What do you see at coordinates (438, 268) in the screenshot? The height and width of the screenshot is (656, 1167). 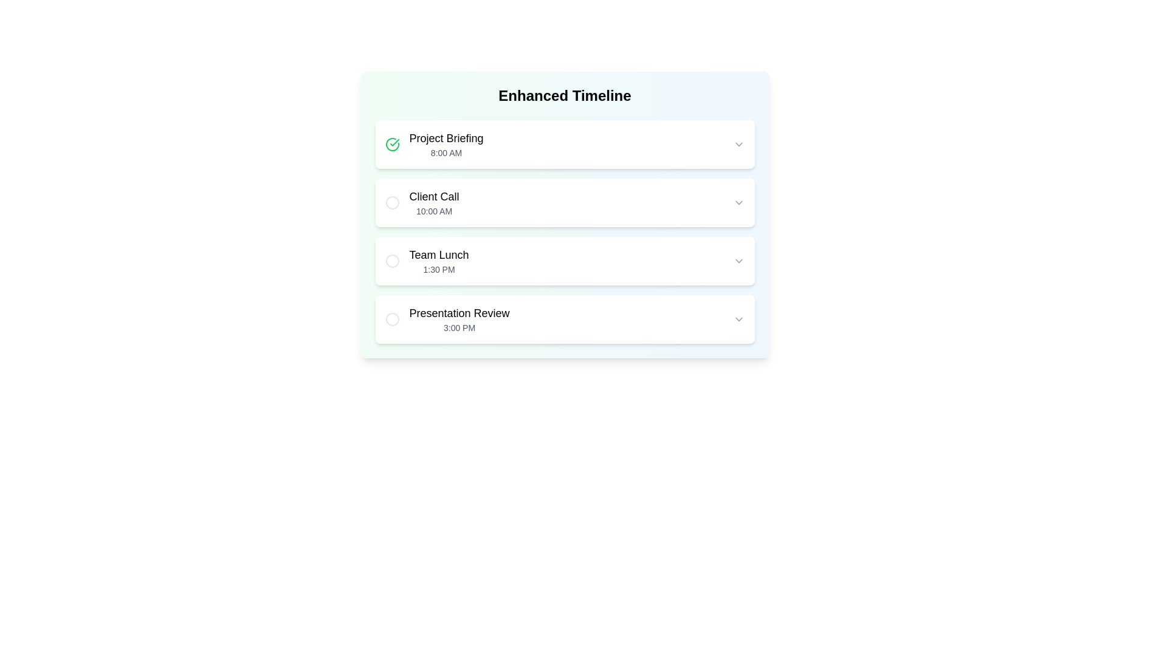 I see `time displayed in the text label below the 'Team Lunch' title, which shows '1:30 PM'` at bounding box center [438, 268].